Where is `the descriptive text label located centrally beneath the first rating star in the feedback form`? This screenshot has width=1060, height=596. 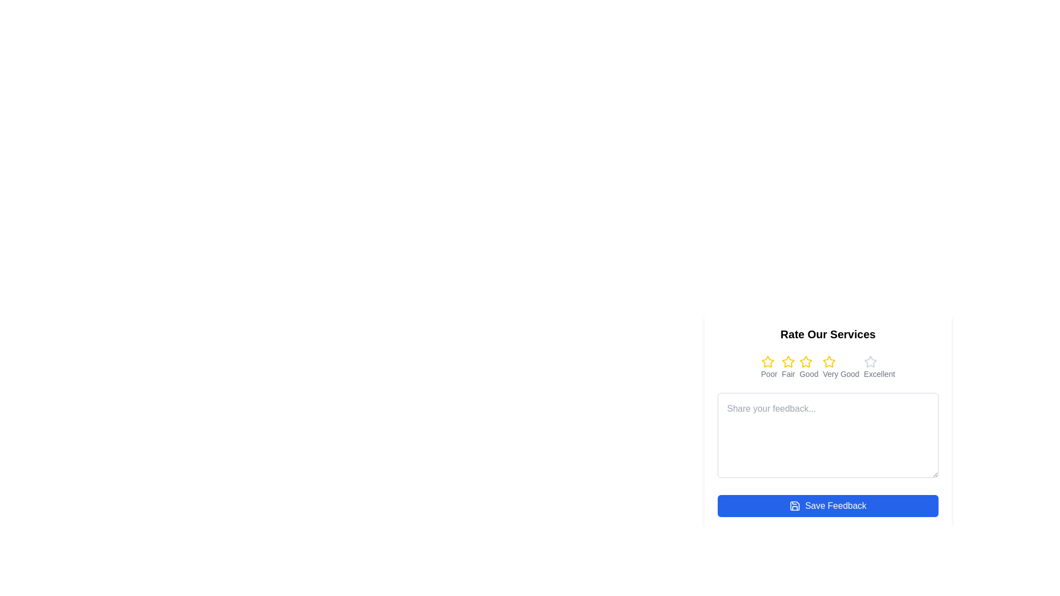
the descriptive text label located centrally beneath the first rating star in the feedback form is located at coordinates (768, 374).